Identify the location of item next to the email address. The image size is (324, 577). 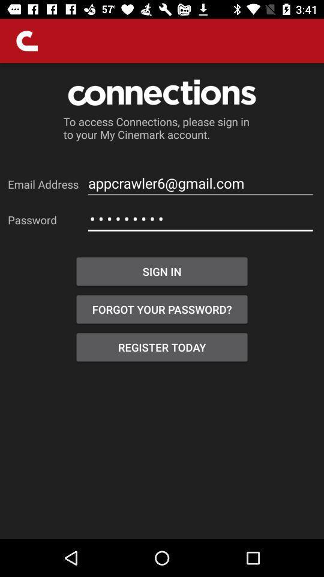
(200, 183).